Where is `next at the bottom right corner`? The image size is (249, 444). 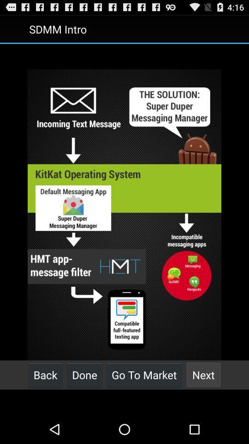
next at the bottom right corner is located at coordinates (203, 375).